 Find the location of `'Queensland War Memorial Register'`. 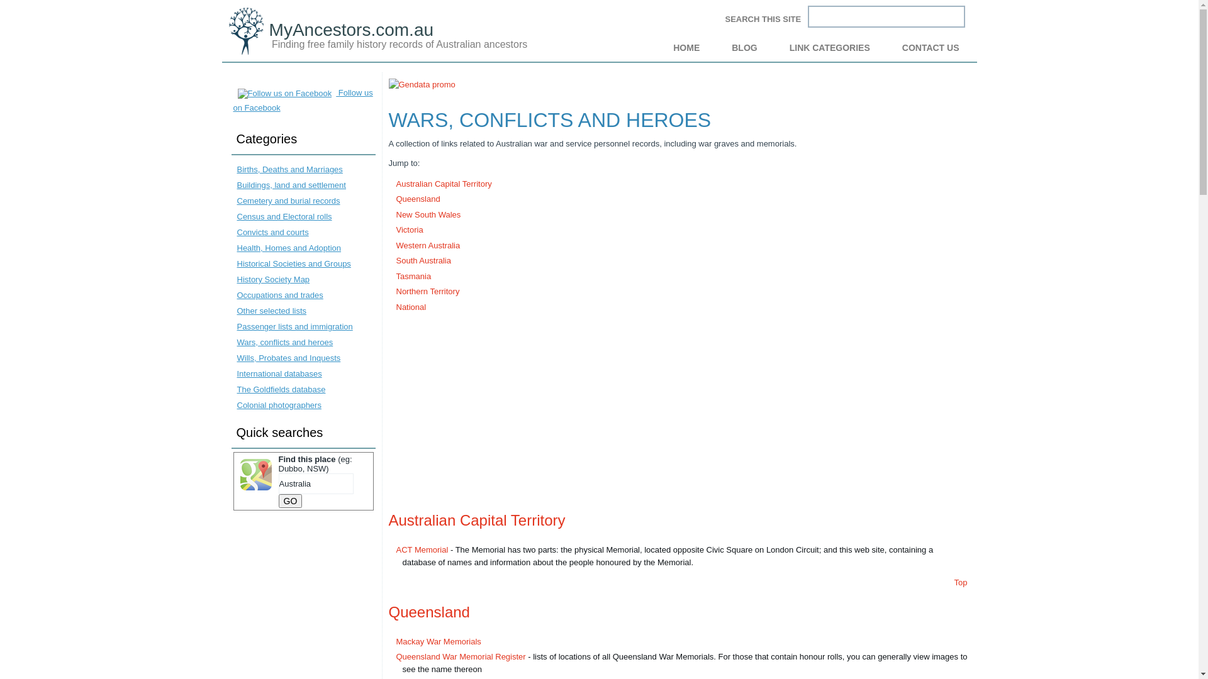

'Queensland War Memorial Register' is located at coordinates (461, 656).